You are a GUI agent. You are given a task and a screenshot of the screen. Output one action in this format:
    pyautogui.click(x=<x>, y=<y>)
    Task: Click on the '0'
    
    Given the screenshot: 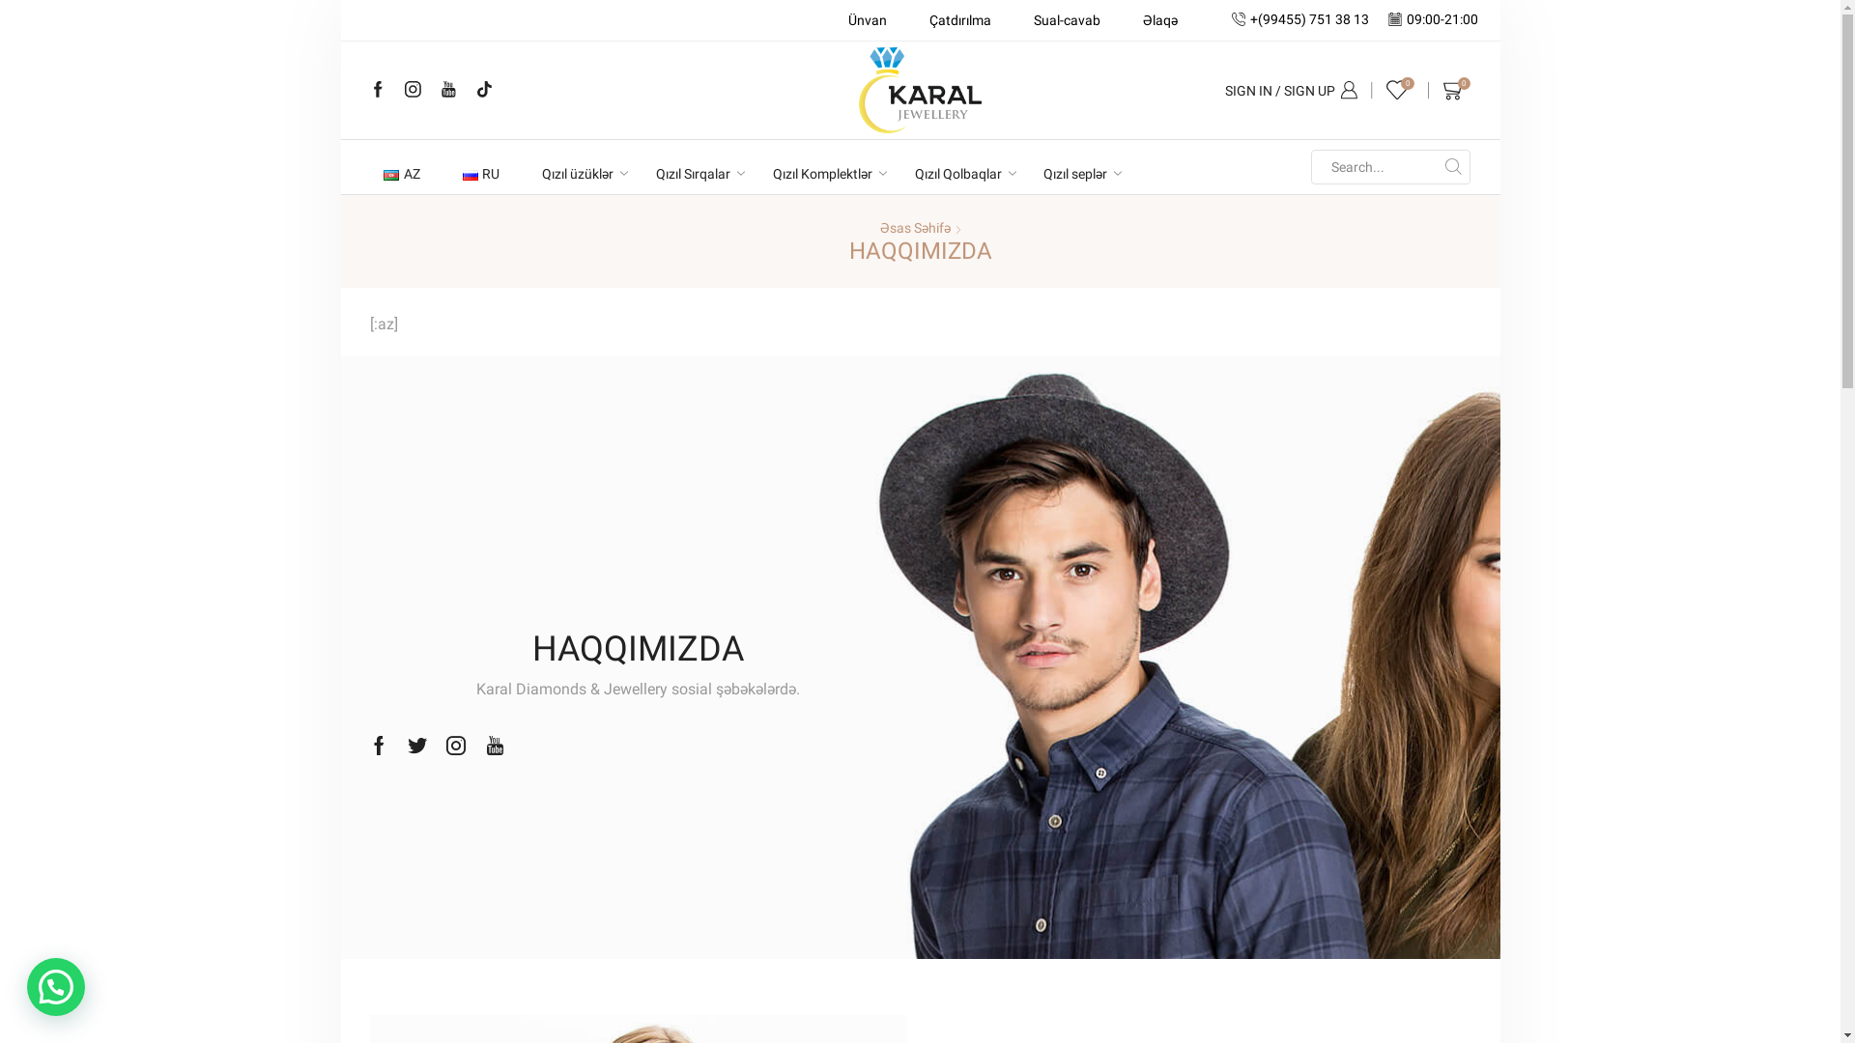 What is the action you would take?
    pyautogui.click(x=1457, y=89)
    